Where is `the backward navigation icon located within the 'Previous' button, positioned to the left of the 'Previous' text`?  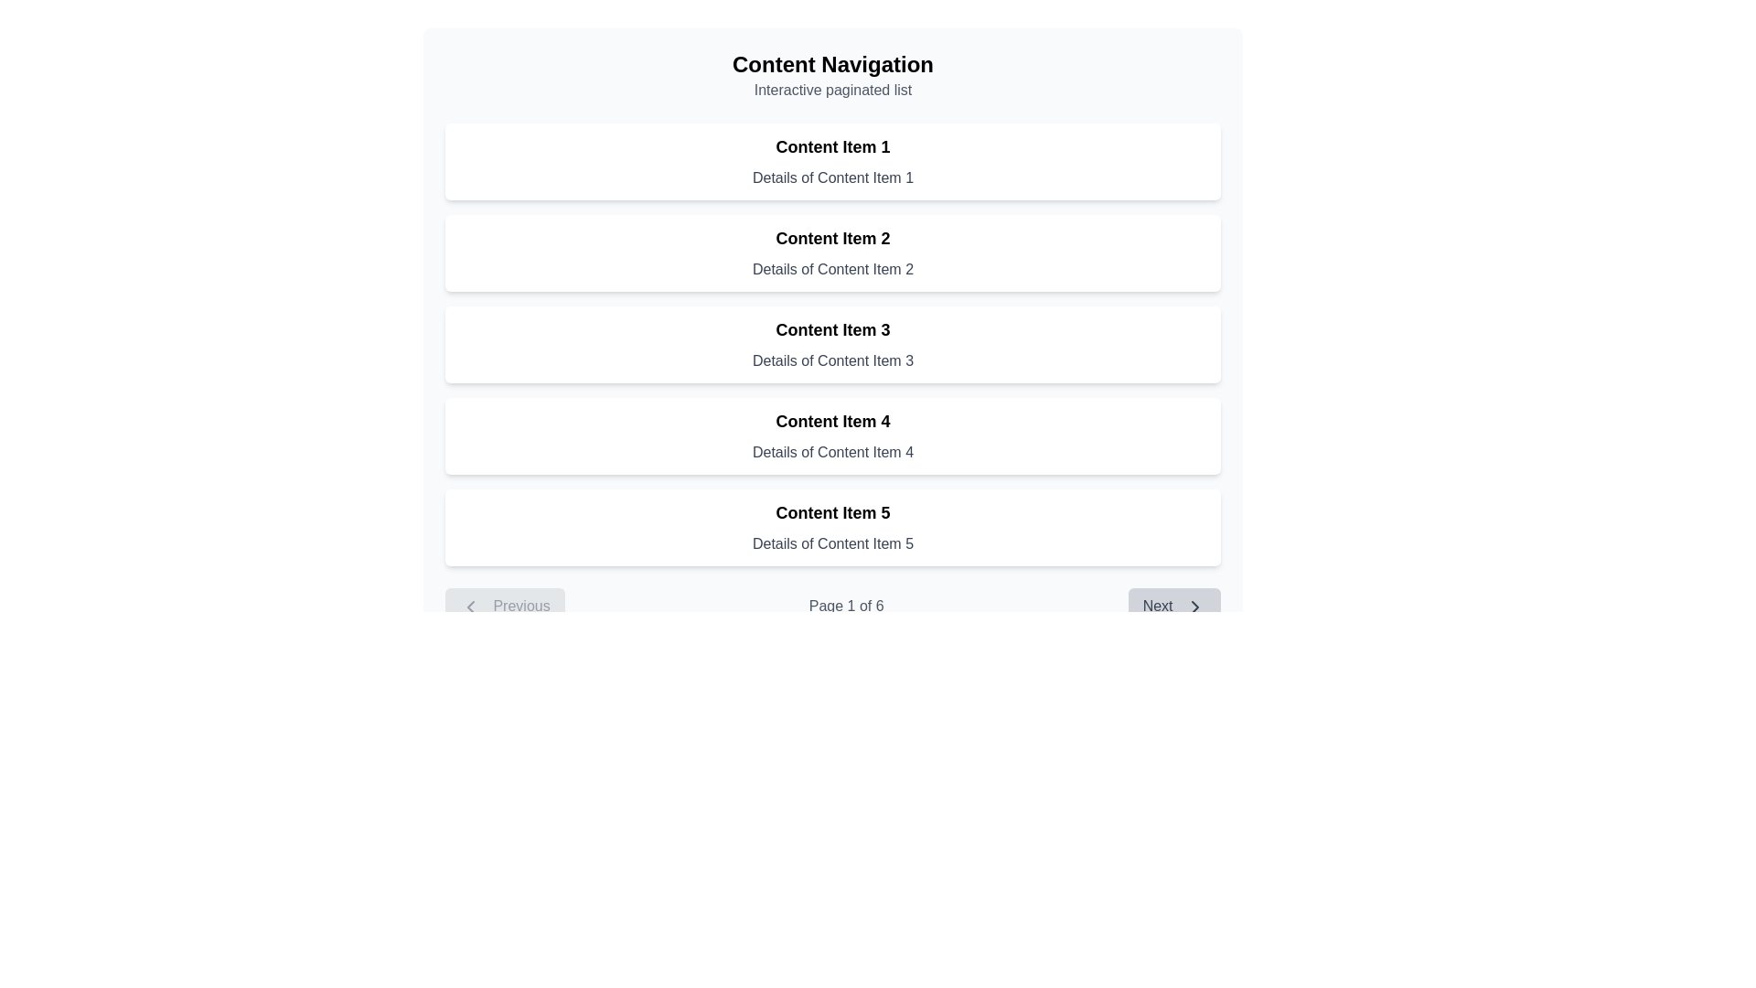 the backward navigation icon located within the 'Previous' button, positioned to the left of the 'Previous' text is located at coordinates (470, 607).